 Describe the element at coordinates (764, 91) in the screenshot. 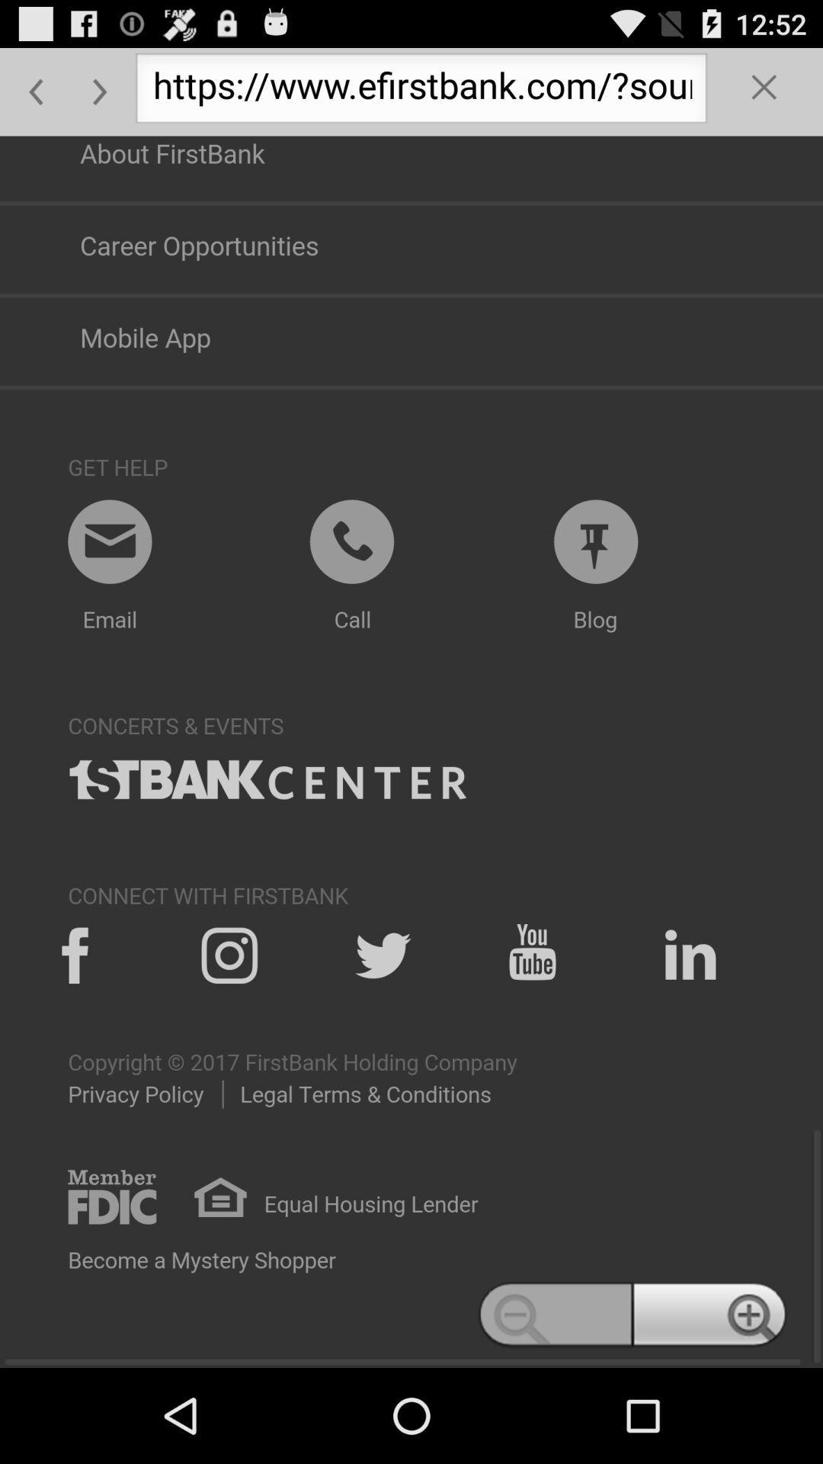

I see `botton` at that location.